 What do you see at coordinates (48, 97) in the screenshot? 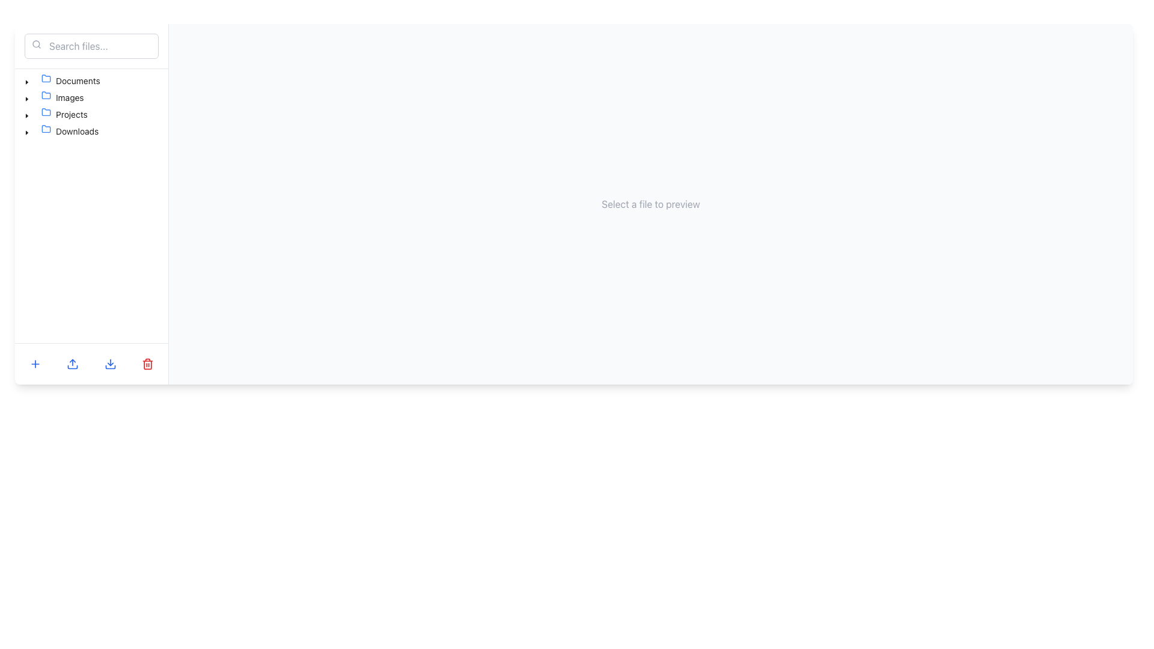
I see `the blue folder icon located to the left of the 'Images' label` at bounding box center [48, 97].